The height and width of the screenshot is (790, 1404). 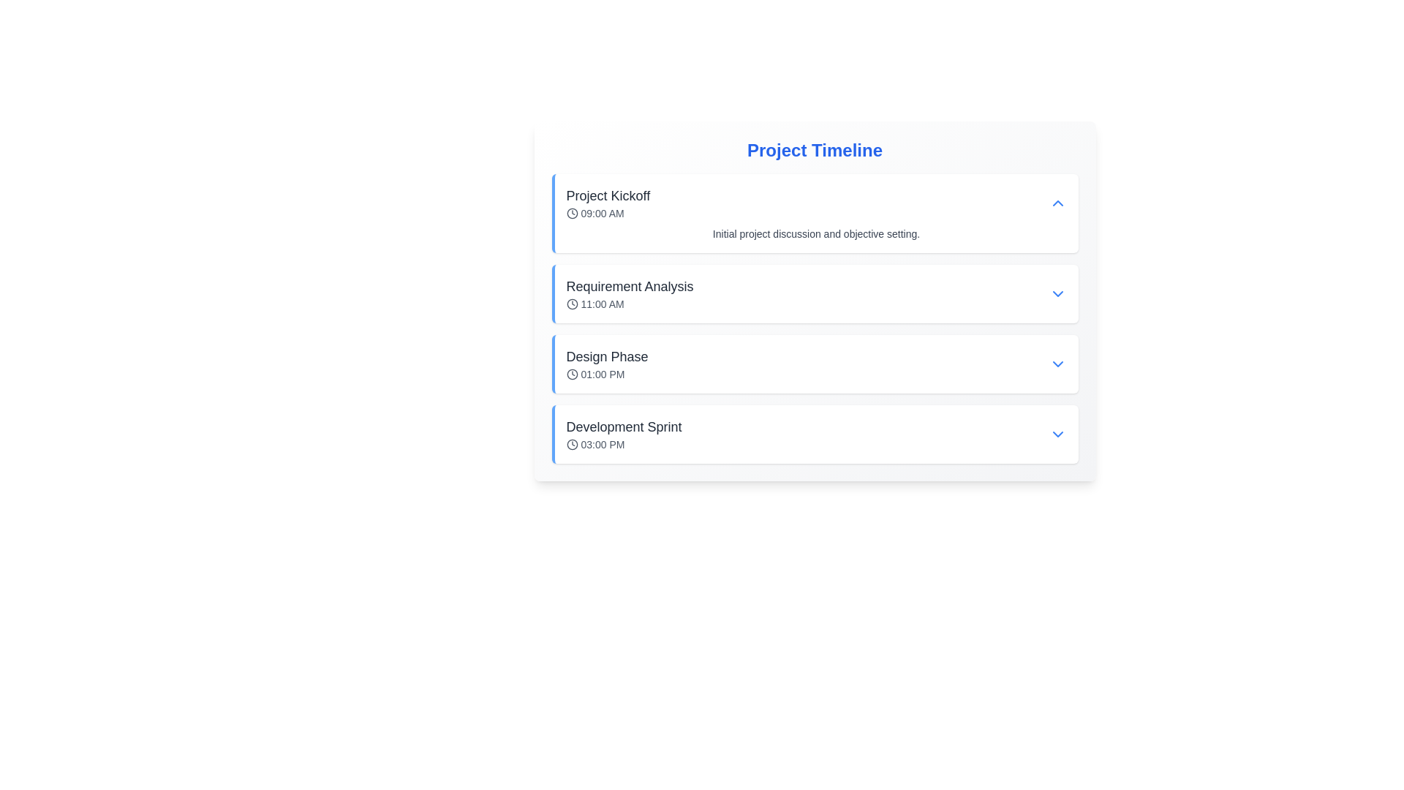 What do you see at coordinates (571, 304) in the screenshot?
I see `the circular graphical element indicating part of a clock icon associated with the 'Requirement Analysis' timeline marker` at bounding box center [571, 304].